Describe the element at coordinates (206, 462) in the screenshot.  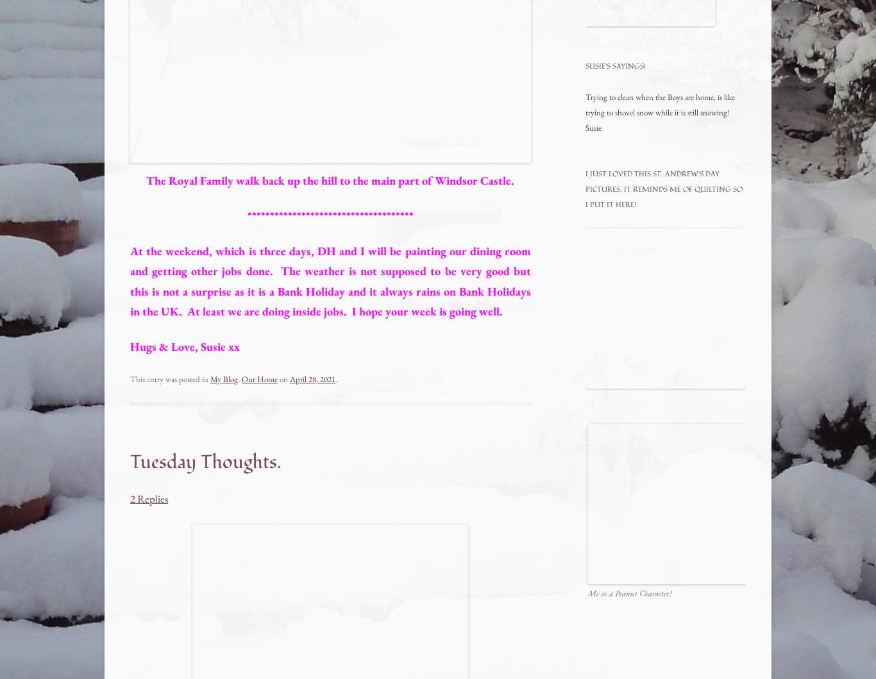
I see `'Tuesday Thoughts.'` at that location.